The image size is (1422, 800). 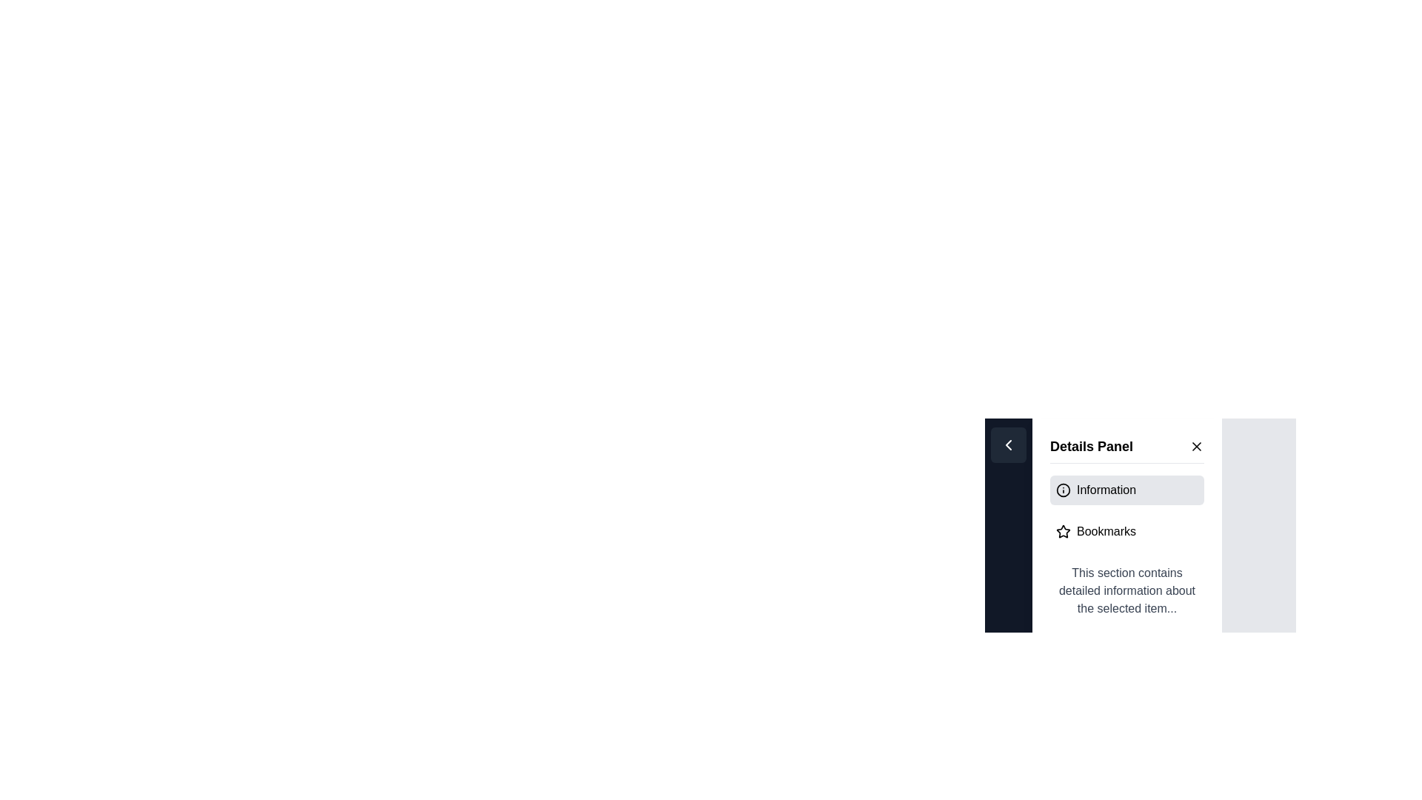 What do you see at coordinates (1008, 444) in the screenshot?
I see `the SVG-based chevron icon located at the top of the navigation panel on the far left side of the UI, which serves as a back or collapse button` at bounding box center [1008, 444].